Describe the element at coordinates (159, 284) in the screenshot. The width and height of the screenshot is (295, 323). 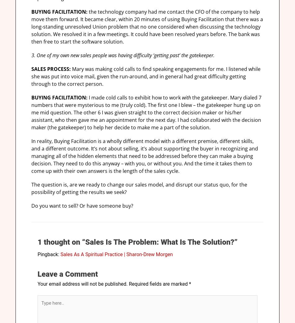
I see `'Required fields are marked'` at that location.